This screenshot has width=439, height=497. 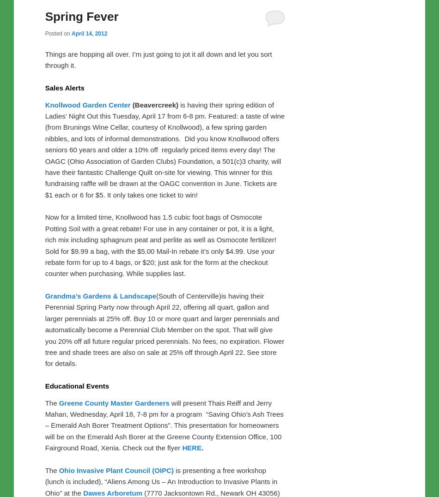 What do you see at coordinates (64, 87) in the screenshot?
I see `'Sales Alerts'` at bounding box center [64, 87].